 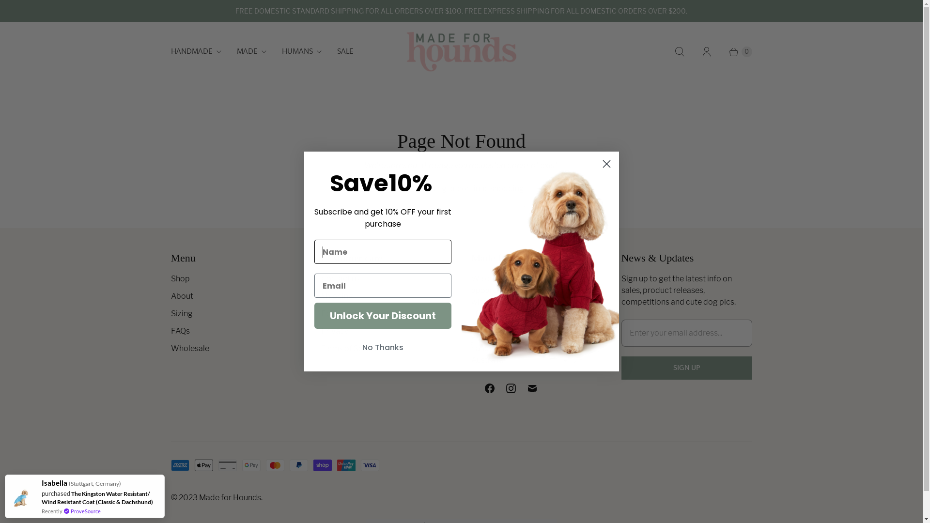 I want to click on 'FAQs', so click(x=180, y=330).